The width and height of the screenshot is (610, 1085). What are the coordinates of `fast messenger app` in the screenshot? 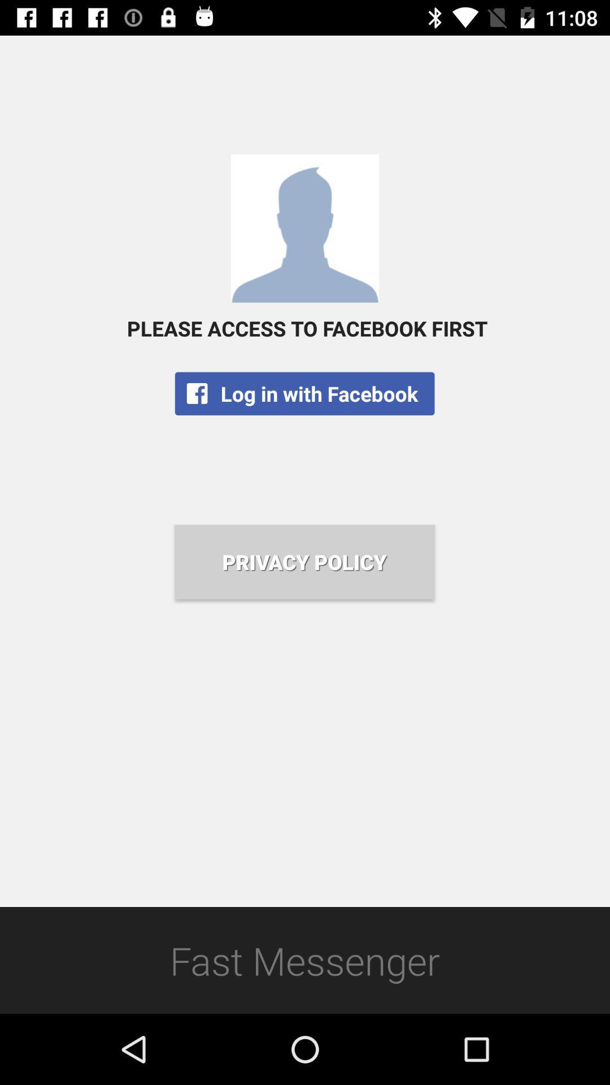 It's located at (305, 960).